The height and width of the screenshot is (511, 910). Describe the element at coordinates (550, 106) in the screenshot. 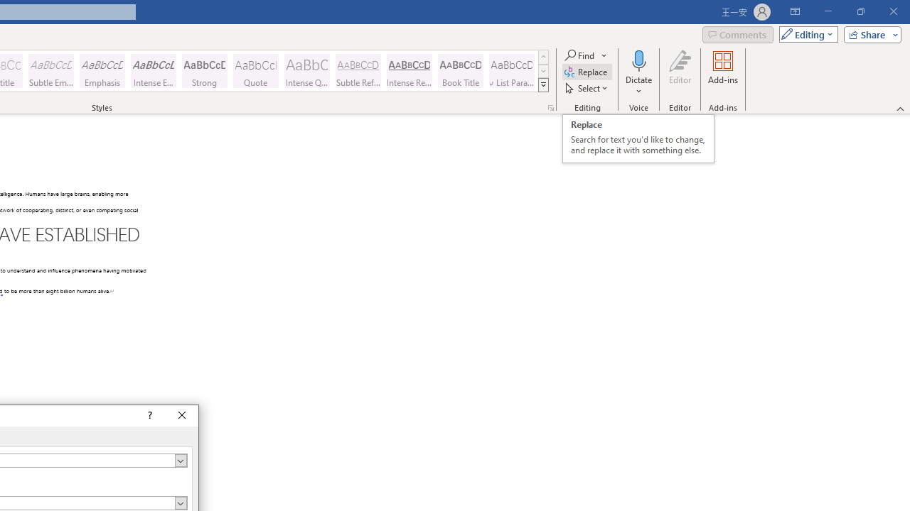

I see `'Styles...'` at that location.